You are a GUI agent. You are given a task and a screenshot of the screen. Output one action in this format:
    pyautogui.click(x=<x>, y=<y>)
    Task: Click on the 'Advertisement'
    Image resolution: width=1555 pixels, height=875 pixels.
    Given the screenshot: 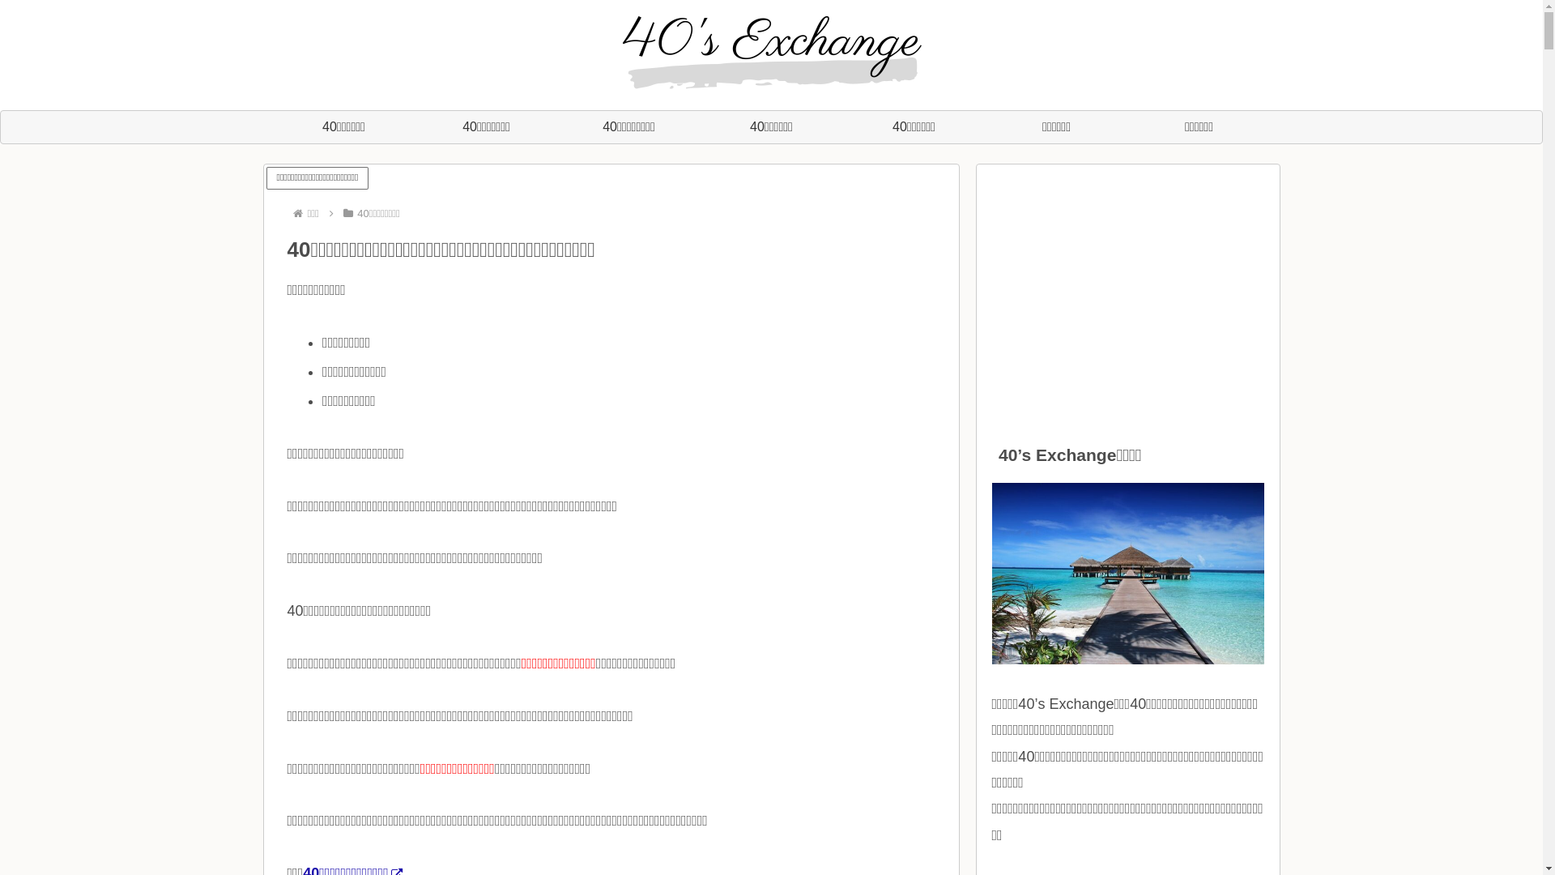 What is the action you would take?
    pyautogui.click(x=1127, y=293)
    